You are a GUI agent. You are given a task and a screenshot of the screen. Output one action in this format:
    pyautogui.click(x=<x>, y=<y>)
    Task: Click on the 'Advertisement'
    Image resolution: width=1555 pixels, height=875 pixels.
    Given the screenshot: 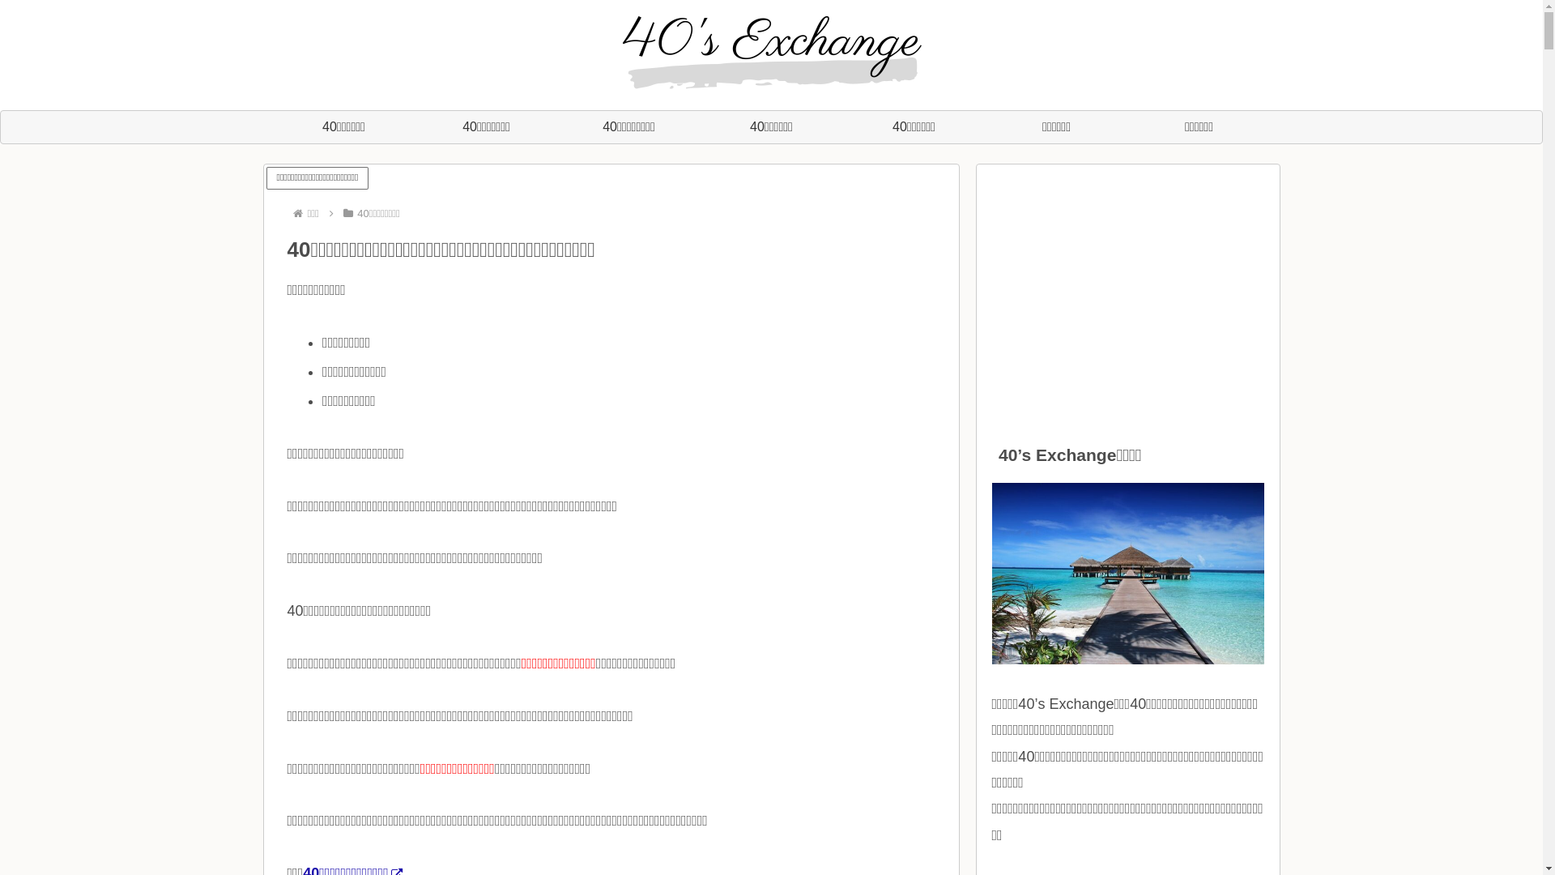 What is the action you would take?
    pyautogui.click(x=1127, y=293)
    